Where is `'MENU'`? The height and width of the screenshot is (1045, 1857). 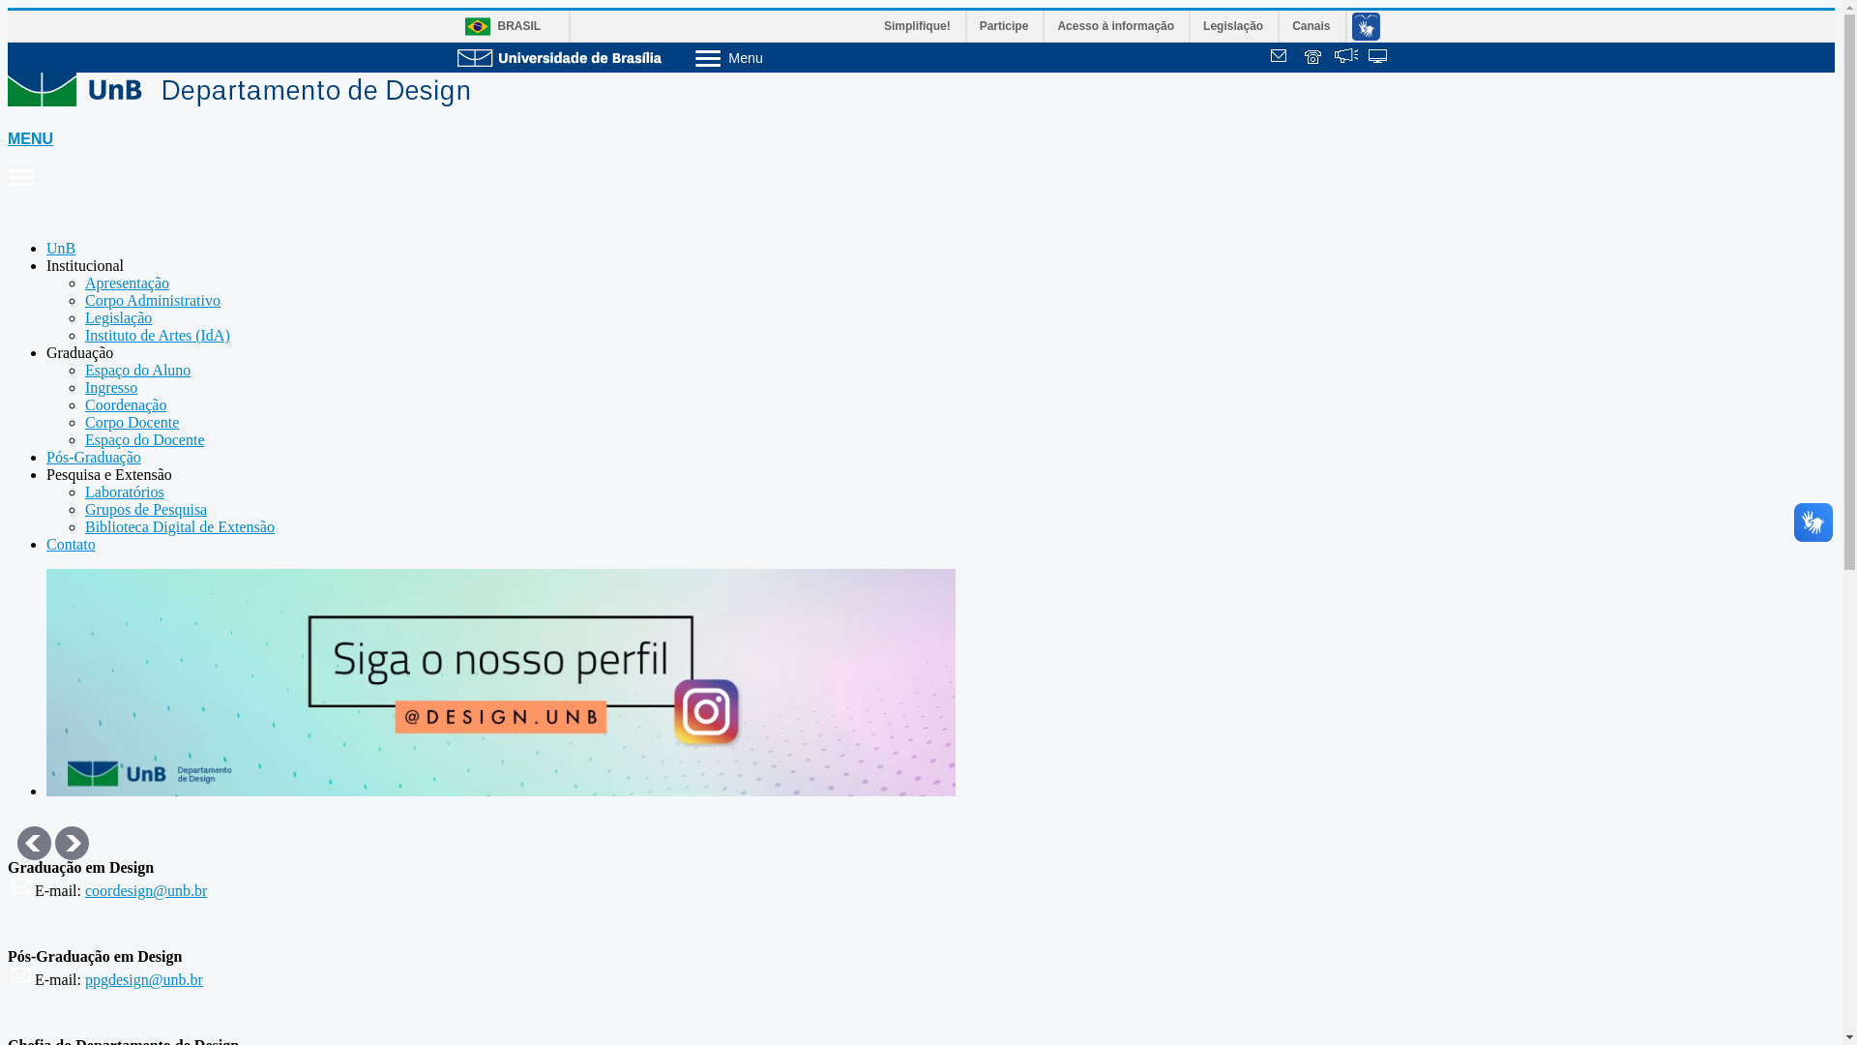 'MENU' is located at coordinates (8, 159).